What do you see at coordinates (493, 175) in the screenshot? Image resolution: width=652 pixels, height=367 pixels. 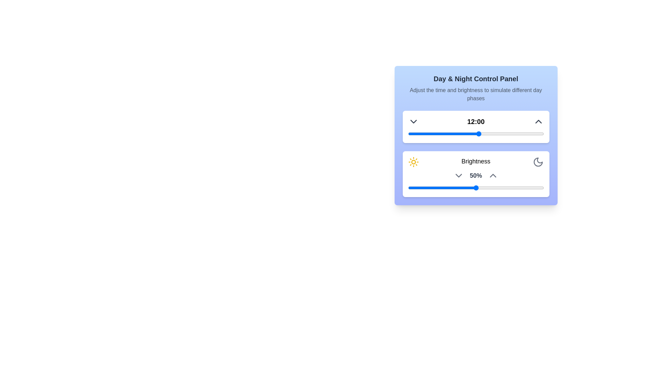 I see `the upward-facing chevron-shaped button located within the 'Brightness' control section to increase the brightness value` at bounding box center [493, 175].